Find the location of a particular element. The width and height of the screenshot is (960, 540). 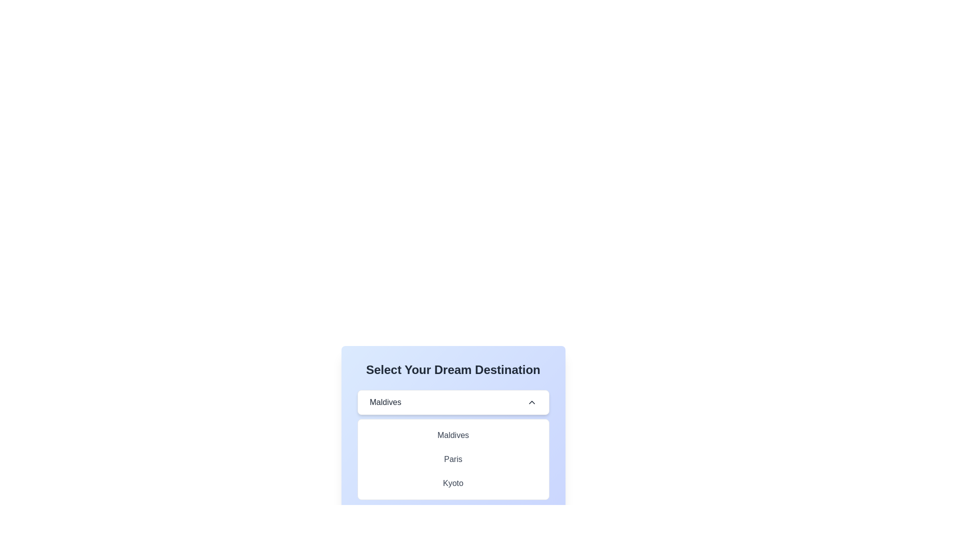

the 'Maldives' option in the dropdown menu is located at coordinates (452, 435).